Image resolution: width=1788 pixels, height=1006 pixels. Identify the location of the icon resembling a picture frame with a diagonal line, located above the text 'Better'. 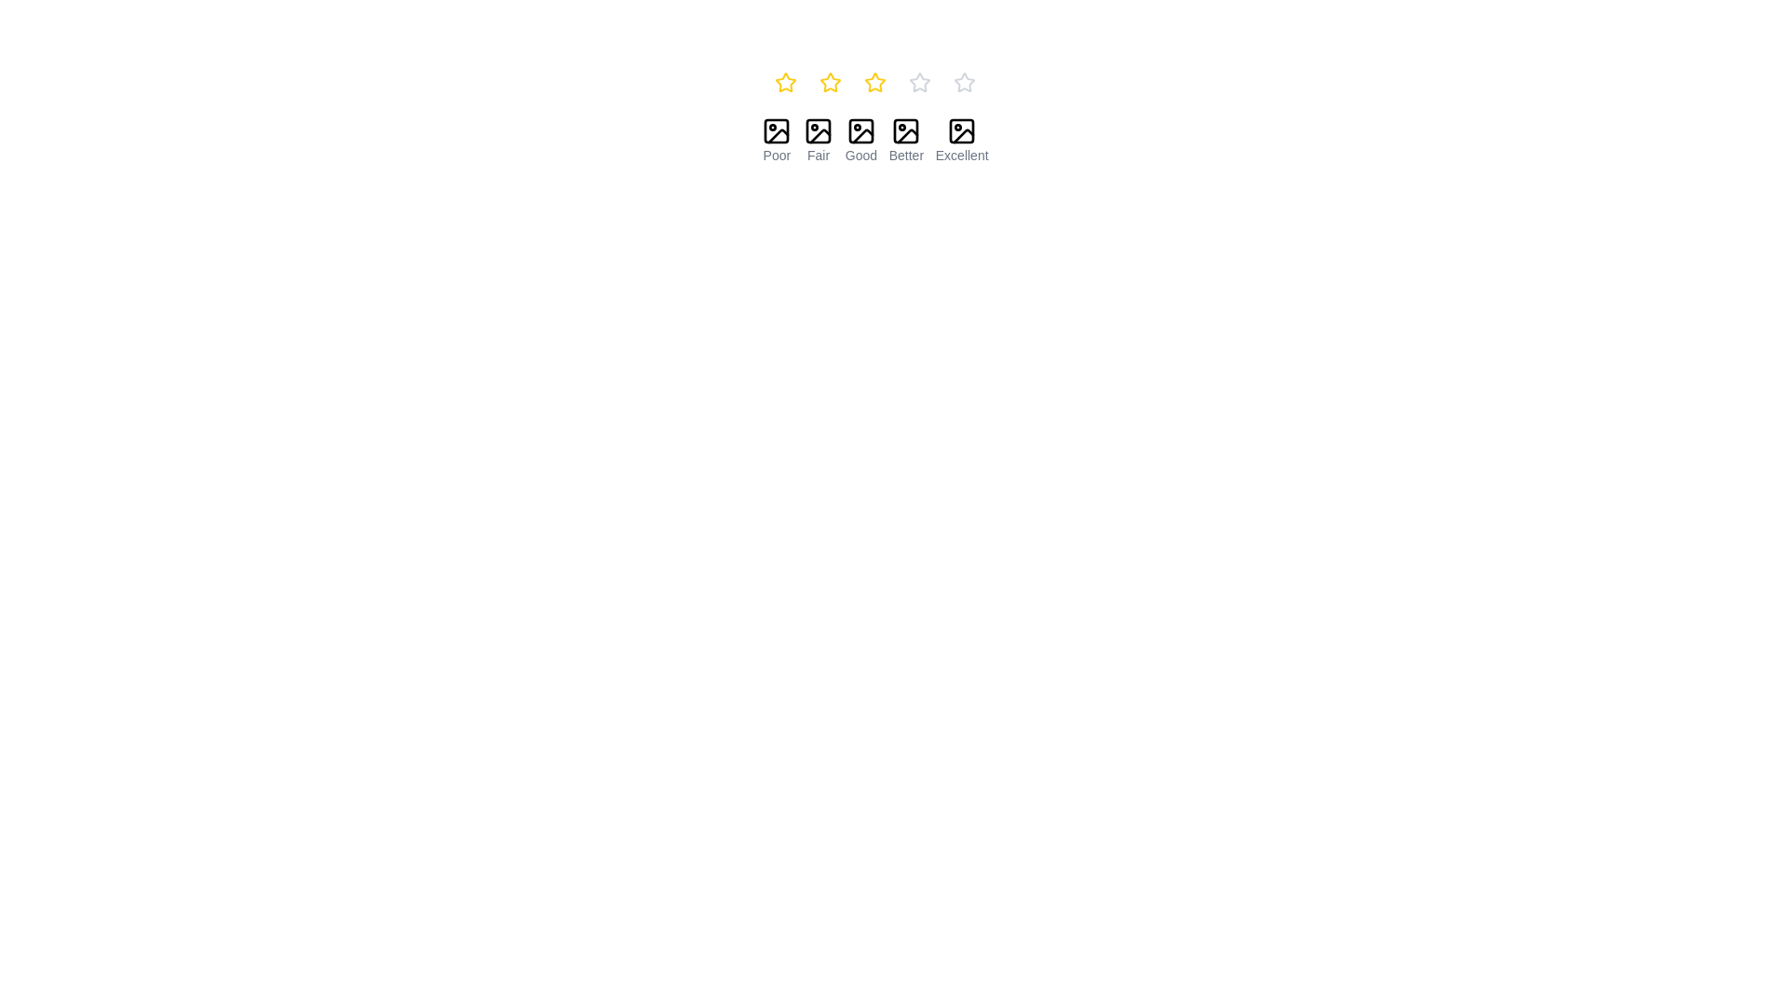
(906, 130).